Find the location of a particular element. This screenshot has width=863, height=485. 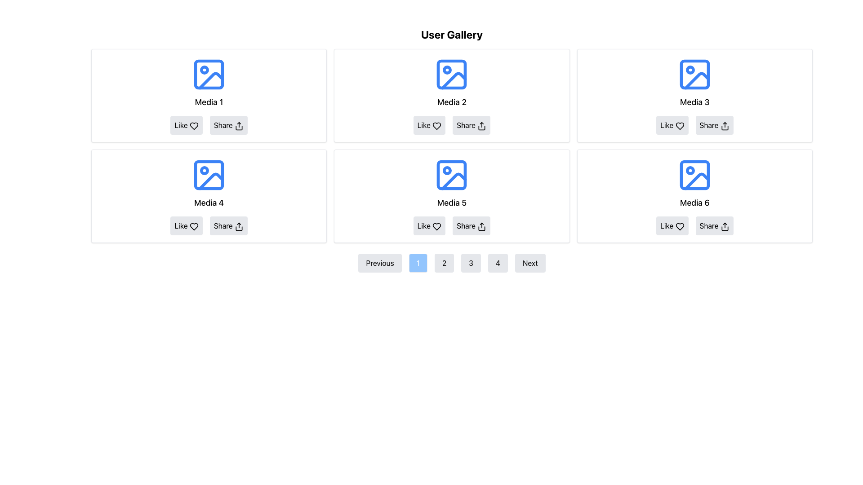

the 'Share' button icon located below the 'Media 1' section in the user gallery grid is located at coordinates (239, 126).